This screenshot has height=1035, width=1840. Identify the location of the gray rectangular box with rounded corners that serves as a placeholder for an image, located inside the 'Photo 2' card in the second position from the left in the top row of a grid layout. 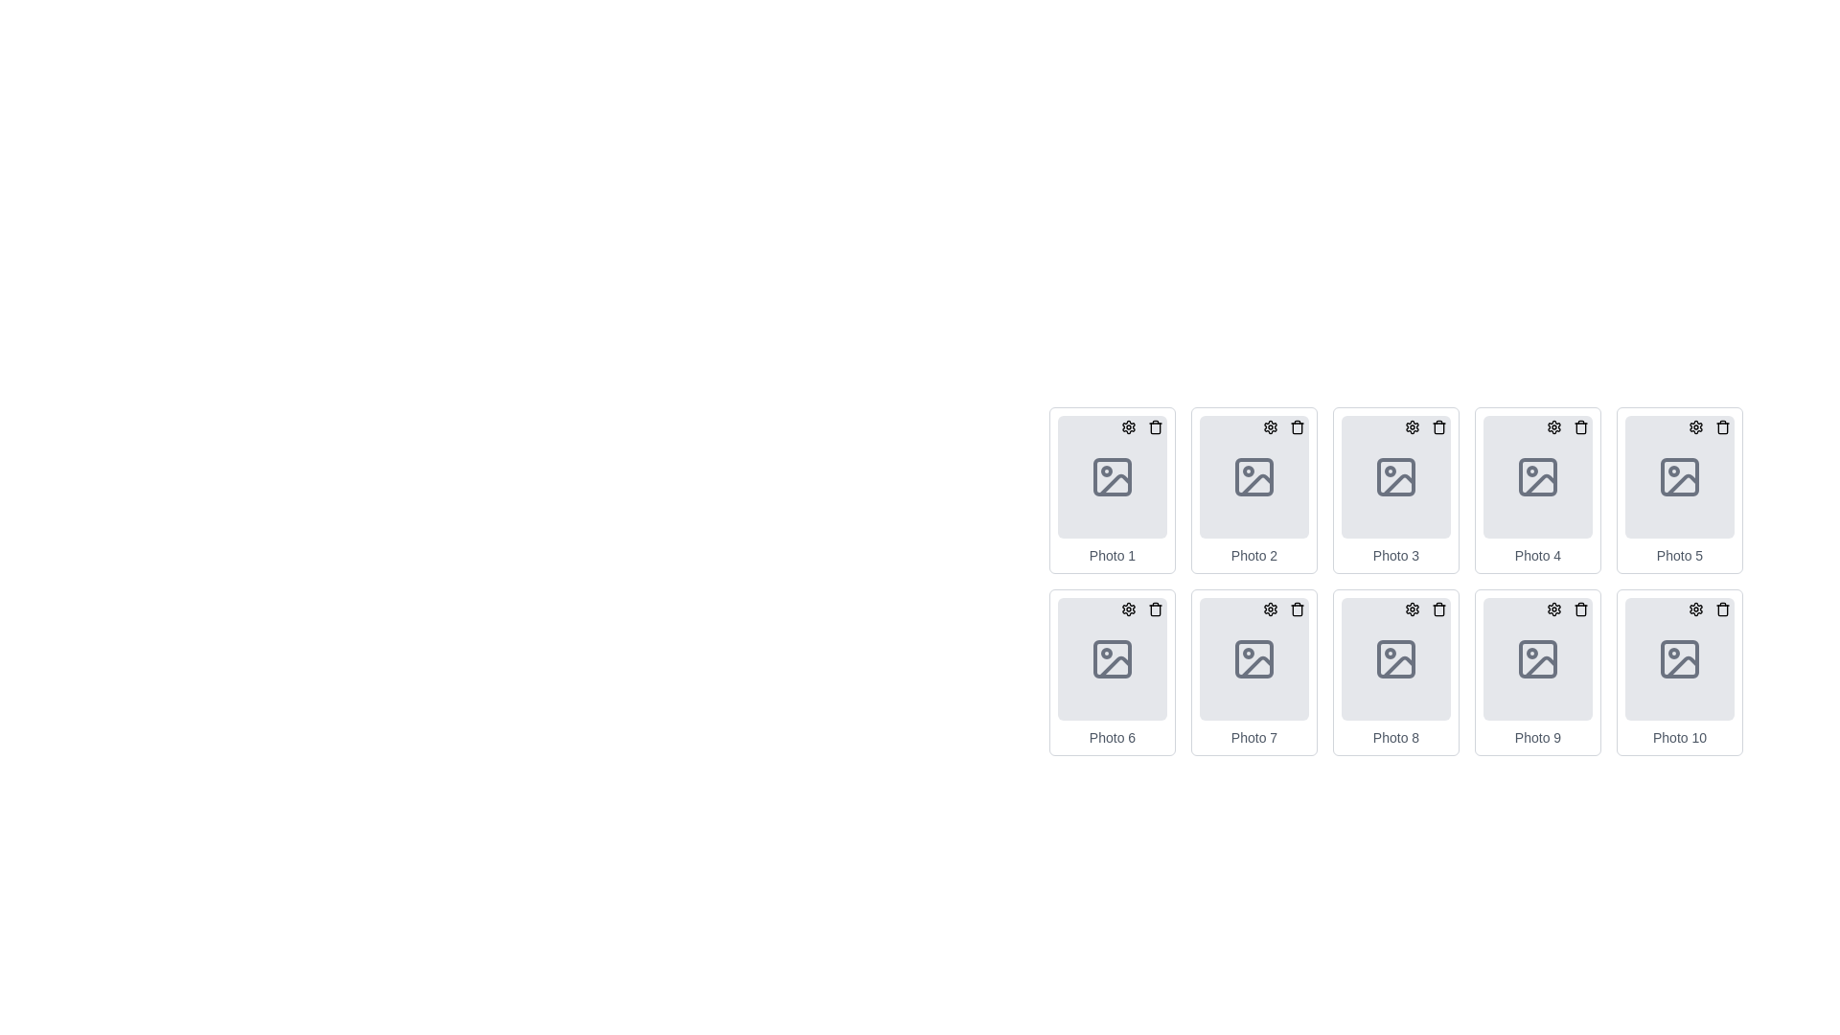
(1254, 475).